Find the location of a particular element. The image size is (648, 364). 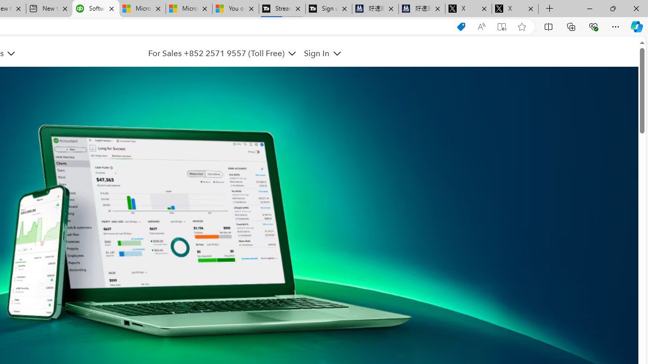

'Enter Immersive Reader (F9)' is located at coordinates (502, 26).